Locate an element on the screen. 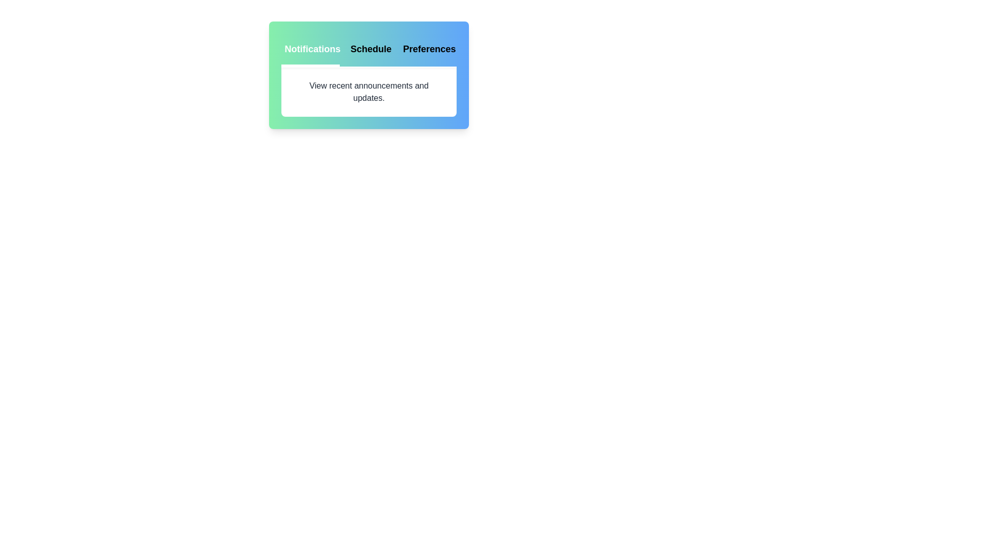  the content displayed in the active tab area is located at coordinates (369, 92).